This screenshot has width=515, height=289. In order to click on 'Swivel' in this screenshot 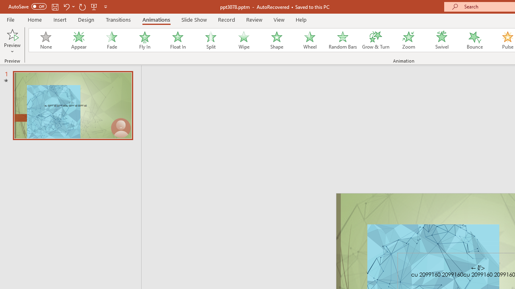, I will do `click(441, 40)`.